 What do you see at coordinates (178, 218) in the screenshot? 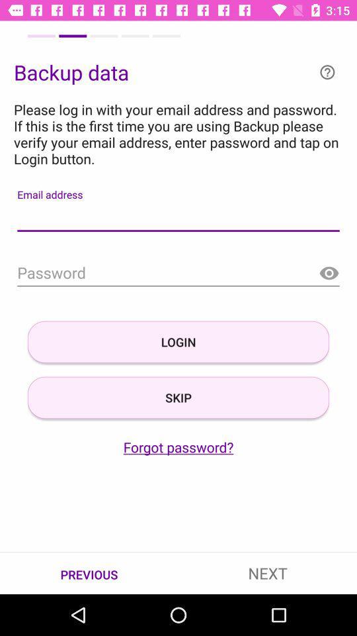
I see `email address` at bounding box center [178, 218].